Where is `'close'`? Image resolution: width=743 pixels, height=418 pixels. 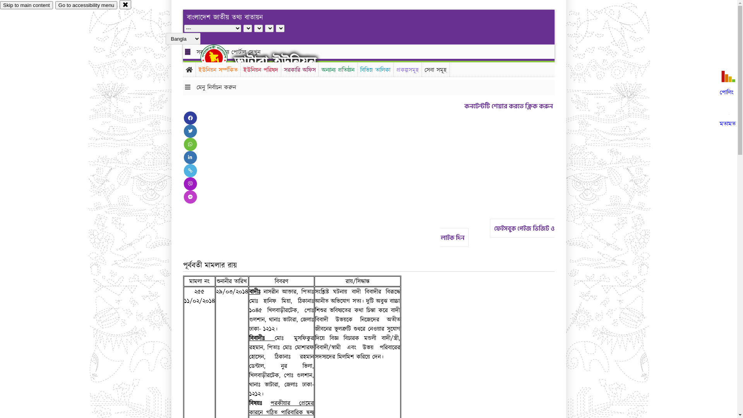
'close' is located at coordinates (125, 4).